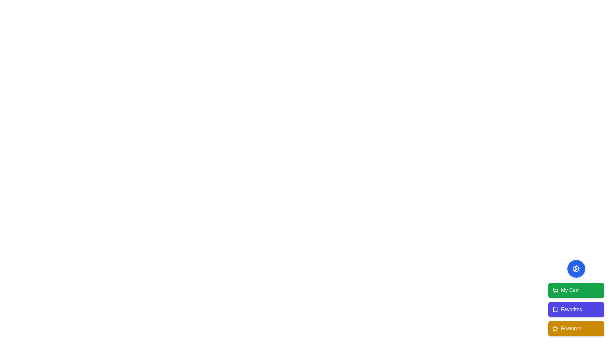  Describe the element at coordinates (555, 329) in the screenshot. I see `the star-shaped icon outlined with yellowish-orange strokes, which is located to the left of the text 'Featured'` at that location.